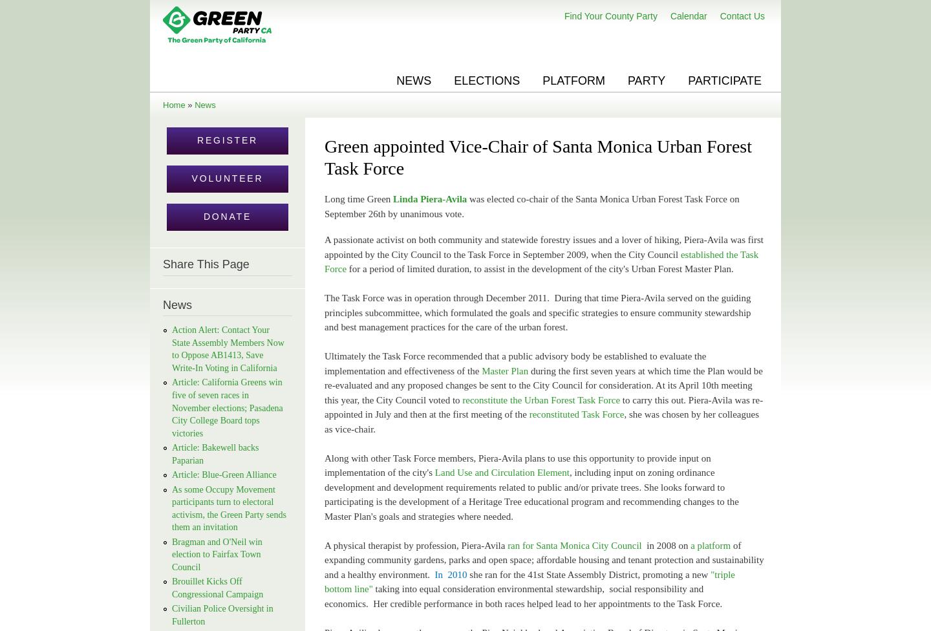 Image resolution: width=931 pixels, height=631 pixels. Describe the element at coordinates (531, 206) in the screenshot. I see `'was elected co-chair of the Santa Monica Urban Forest Task Force on September 26th by unanimous vote.'` at that location.